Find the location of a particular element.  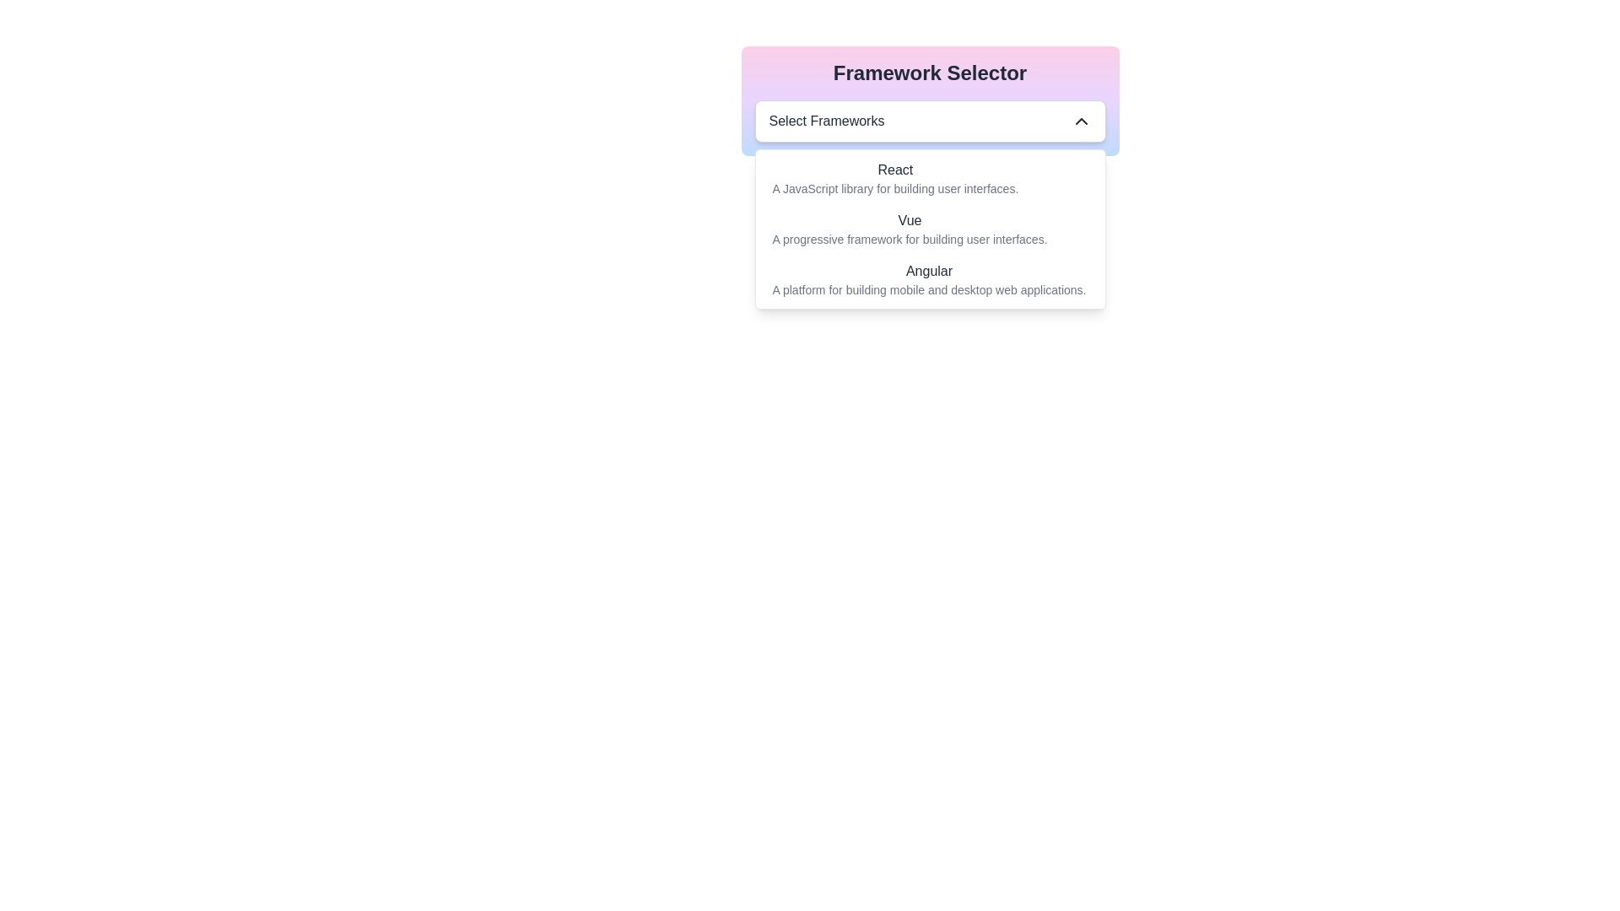

the 'React' text label, which identifies the 'React' framework in the dropdown menu under the 'Framework Selector' section is located at coordinates (894, 170).